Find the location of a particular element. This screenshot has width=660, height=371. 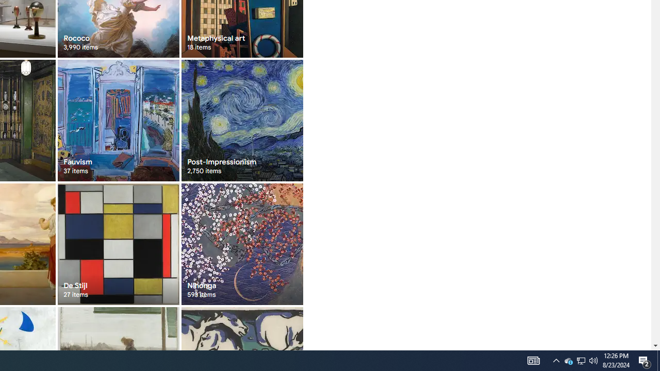

'De Stijl 27 items' is located at coordinates (118, 244).